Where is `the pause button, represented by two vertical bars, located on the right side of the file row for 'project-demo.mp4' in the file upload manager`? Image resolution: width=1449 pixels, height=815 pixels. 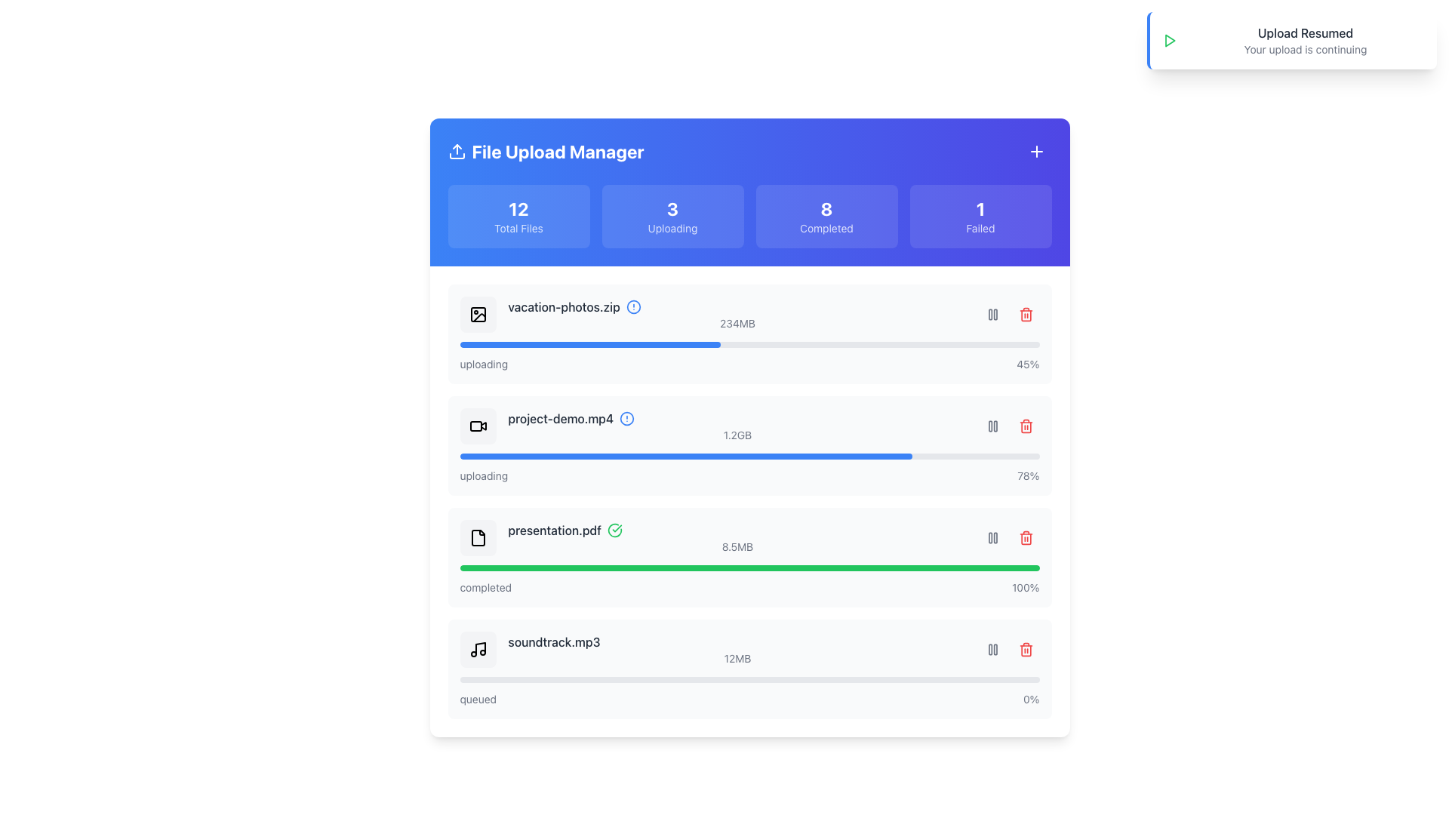
the pause button, represented by two vertical bars, located on the right side of the file row for 'project-demo.mp4' in the file upload manager is located at coordinates (1009, 426).